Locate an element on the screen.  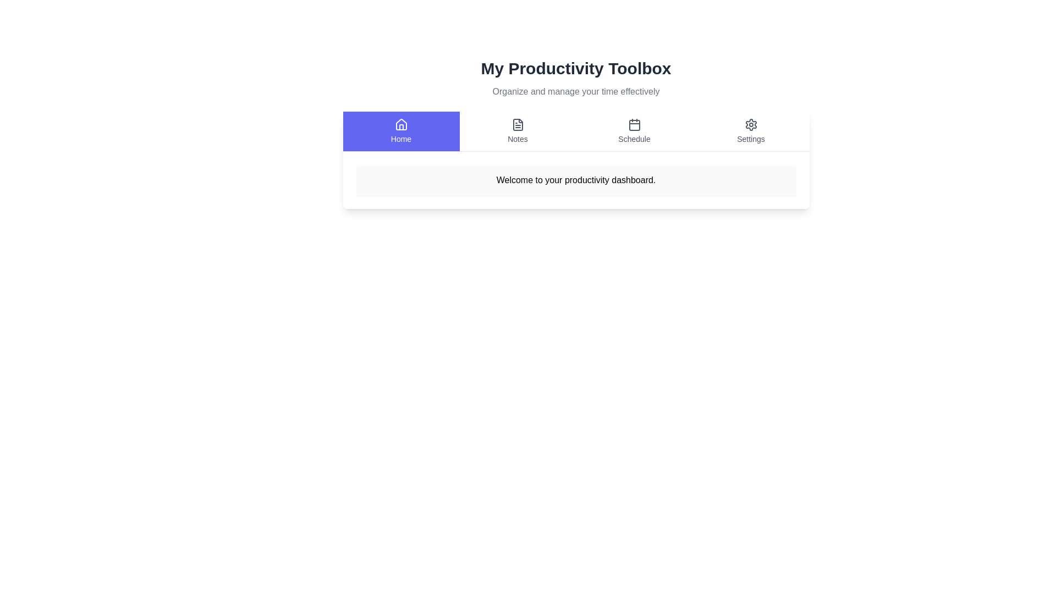
static text that says 'Organize and manage your time effectively', located below the main heading 'My Productivity Toolbox' at the top-center of the interface is located at coordinates (575, 91).